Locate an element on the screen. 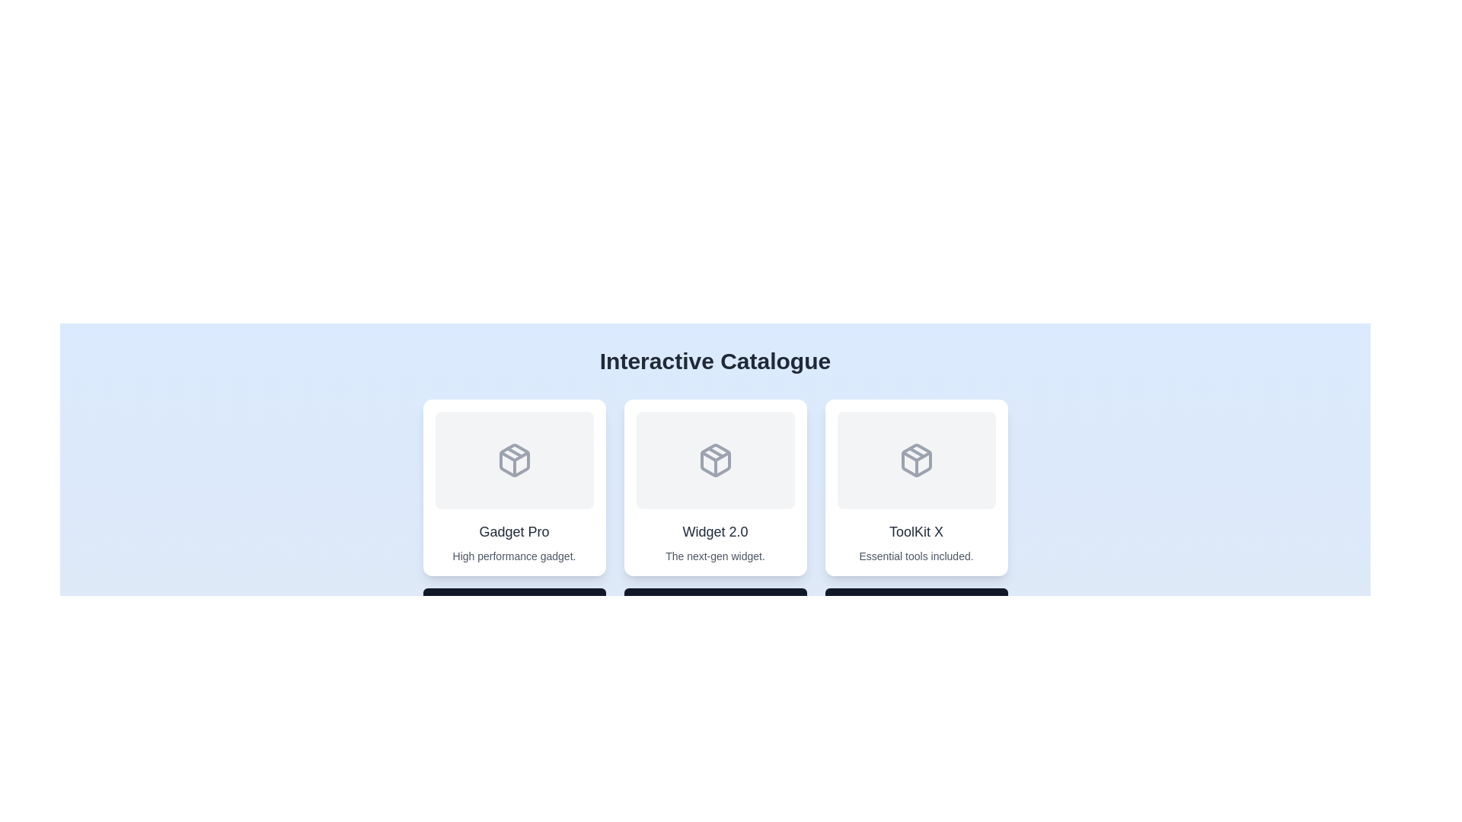 This screenshot has width=1462, height=822. tooltip content located at the bottom of the 'Gadget Pro' card, which provides additional information about its action or purpose is located at coordinates (514, 600).